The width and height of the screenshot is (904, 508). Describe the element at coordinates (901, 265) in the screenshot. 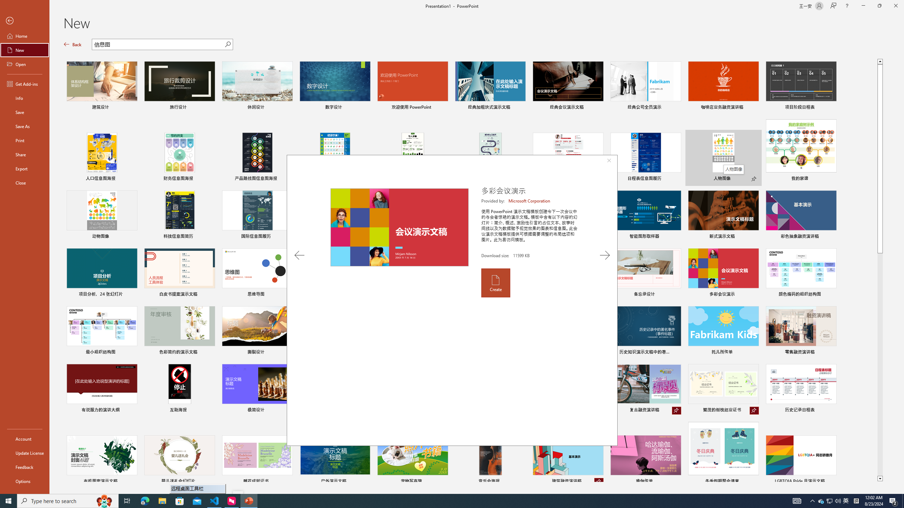

I see `'Class: NetUIScrollBar'` at that location.